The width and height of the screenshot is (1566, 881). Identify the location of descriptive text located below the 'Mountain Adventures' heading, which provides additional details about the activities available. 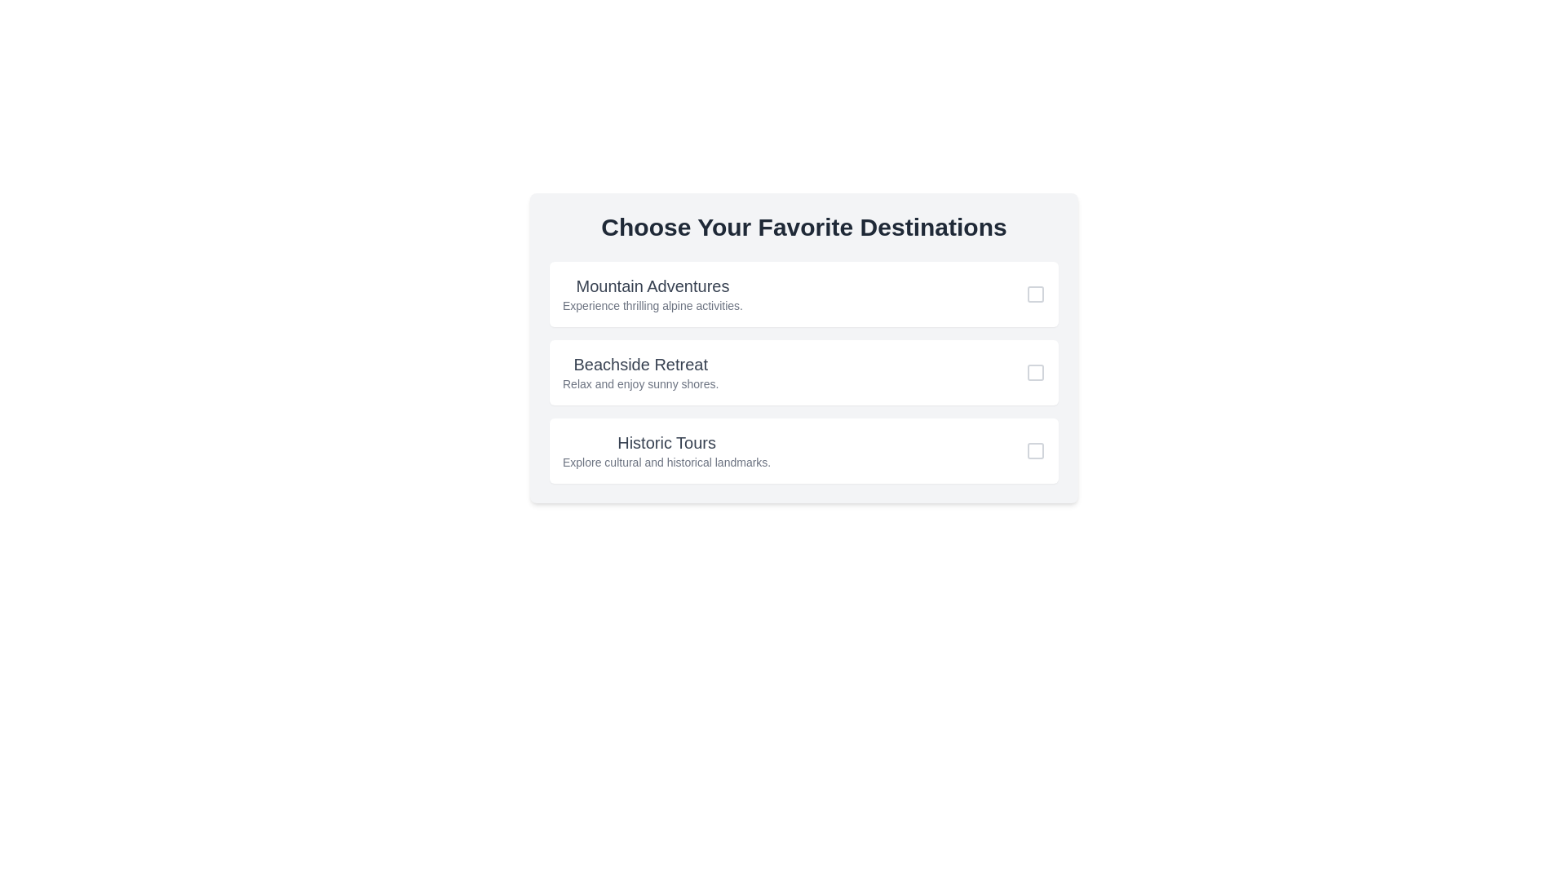
(652, 305).